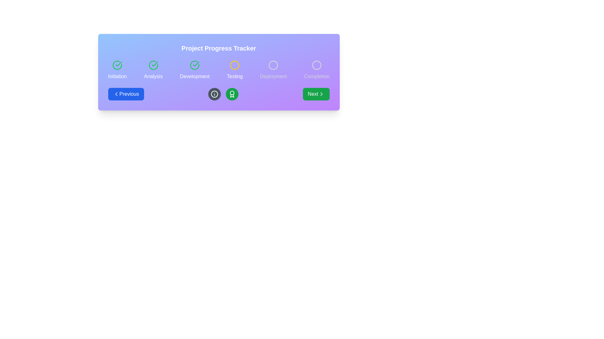 This screenshot has height=339, width=604. Describe the element at coordinates (317, 70) in the screenshot. I see `the Progress indicator stage element` at that location.